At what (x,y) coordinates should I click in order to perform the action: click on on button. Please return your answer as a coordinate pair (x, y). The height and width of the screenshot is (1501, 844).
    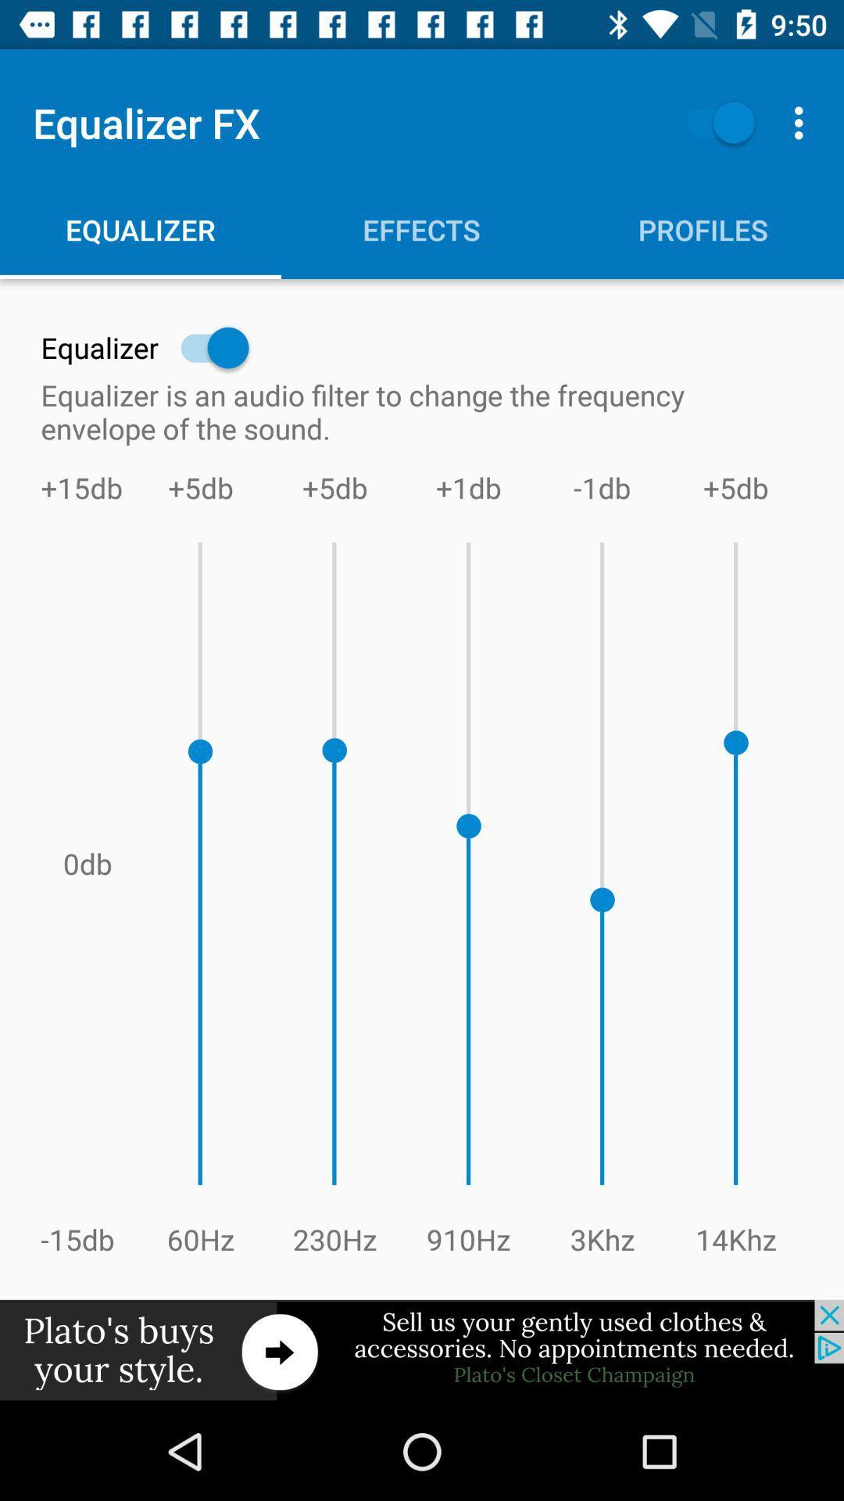
    Looking at the image, I should click on (713, 122).